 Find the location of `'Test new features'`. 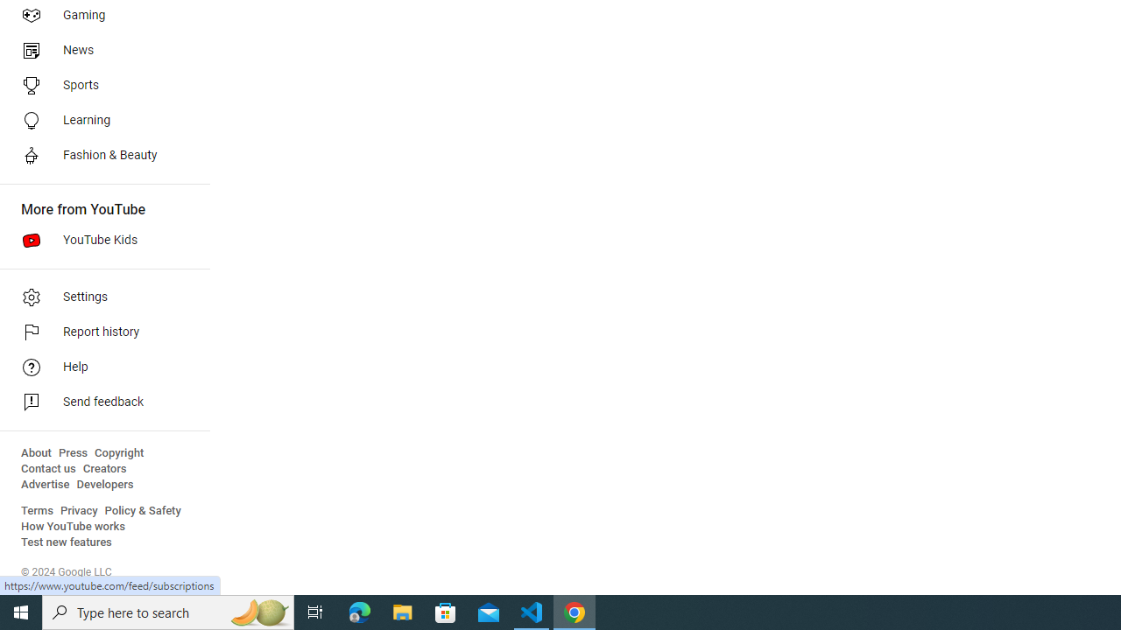

'Test new features' is located at coordinates (67, 542).